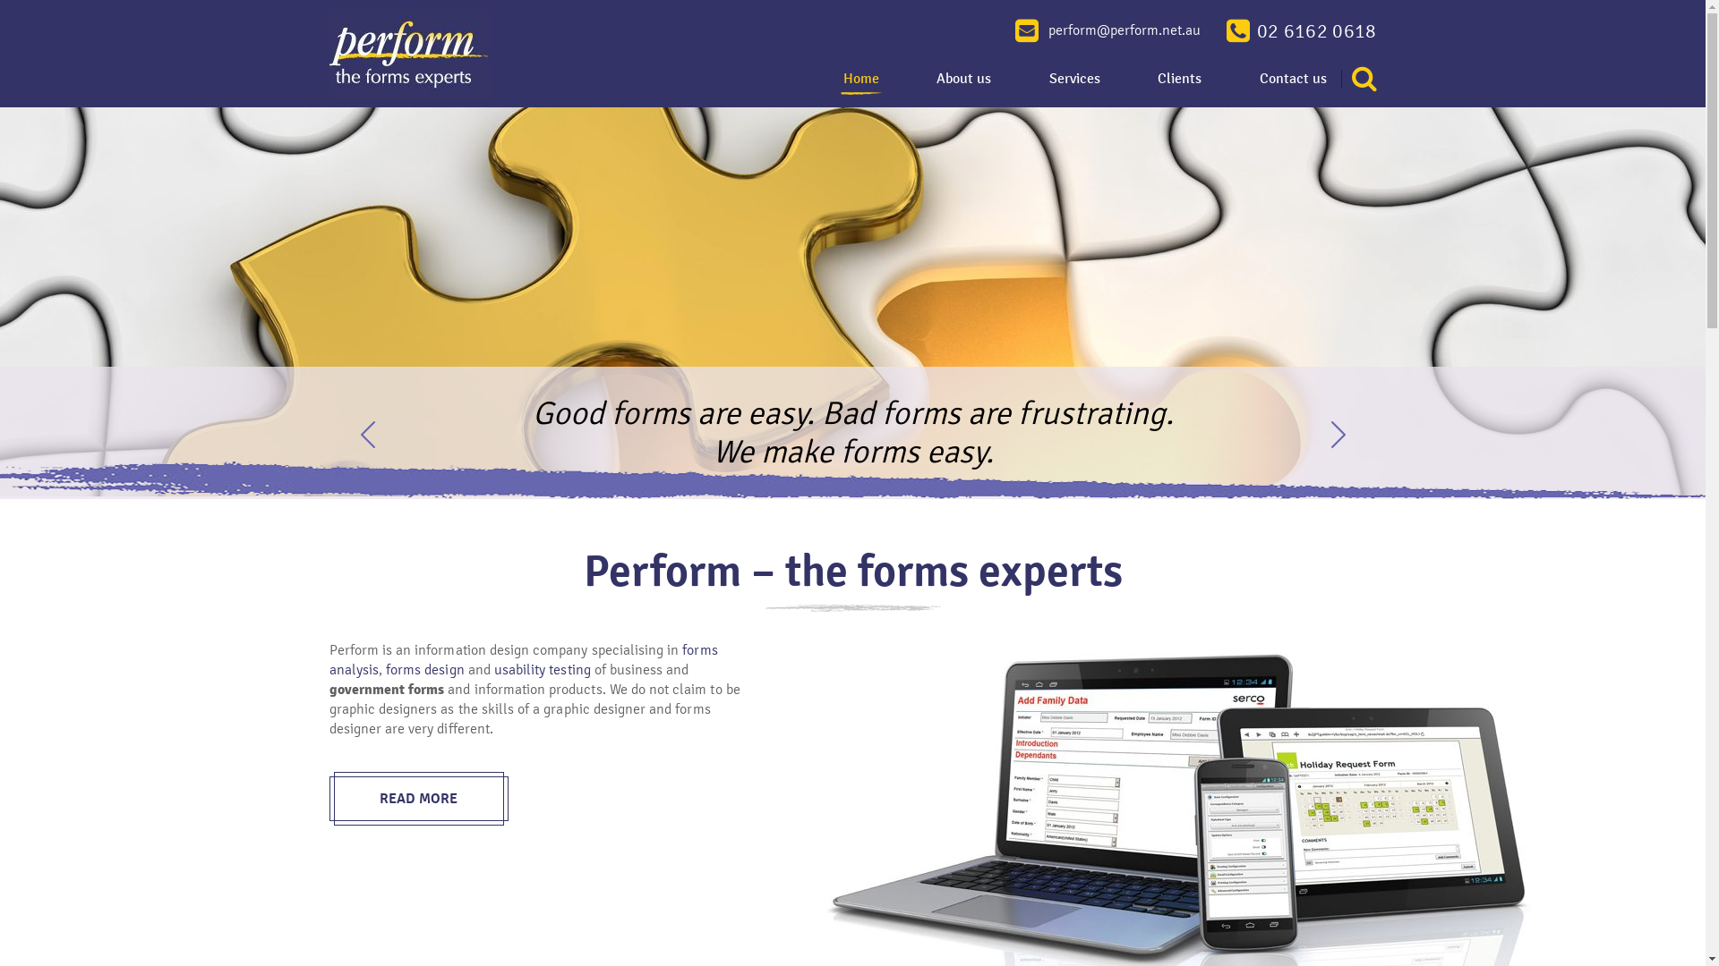 The width and height of the screenshot is (1719, 966). What do you see at coordinates (1302, 30) in the screenshot?
I see `'02 6162 0618'` at bounding box center [1302, 30].